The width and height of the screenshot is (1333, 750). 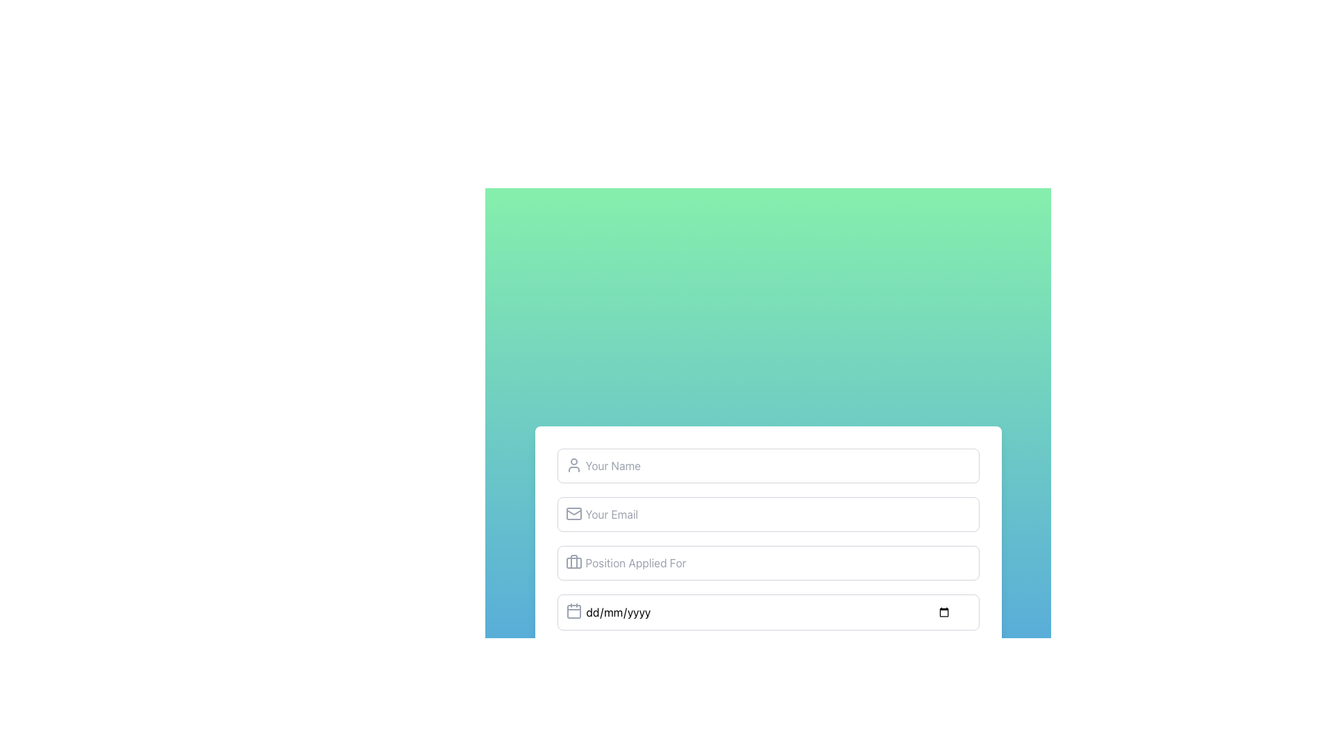 What do you see at coordinates (573, 610) in the screenshot?
I see `the date input field by clicking the calendar icon located at the leftmost side of the field` at bounding box center [573, 610].